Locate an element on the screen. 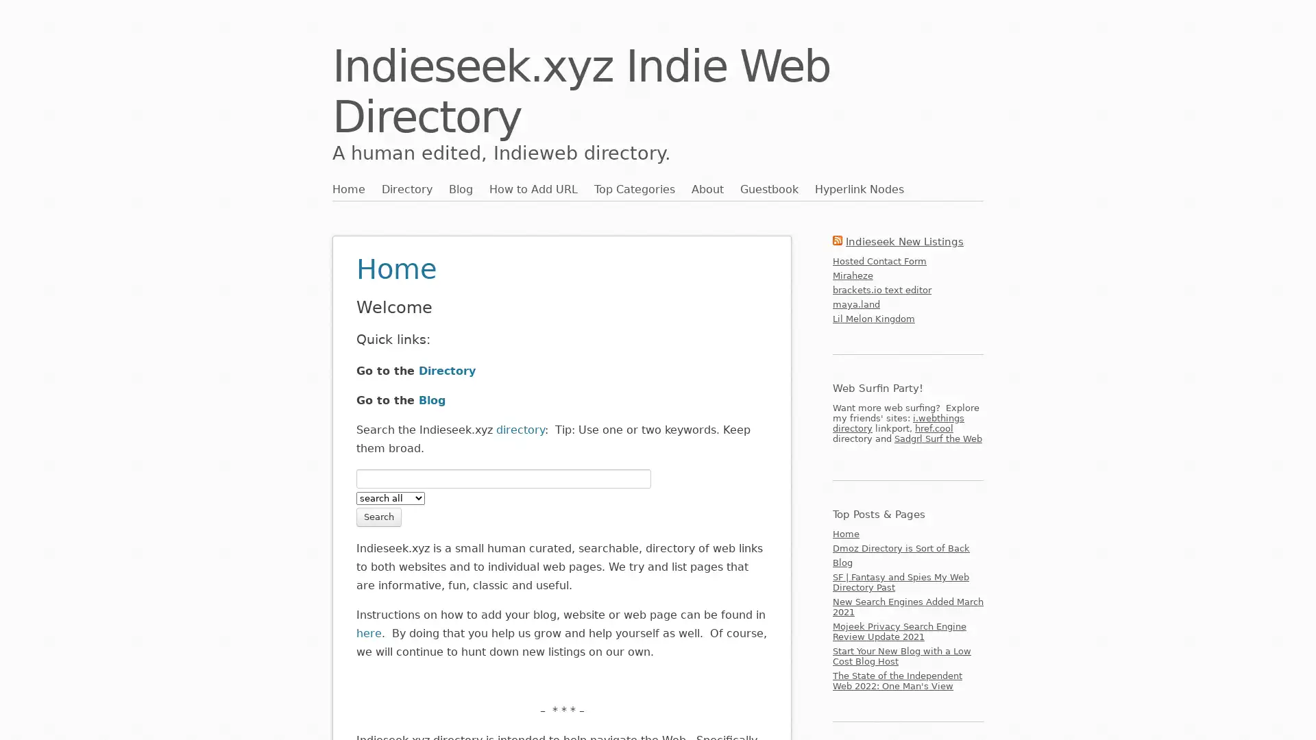 Image resolution: width=1316 pixels, height=740 pixels. Search is located at coordinates (378, 516).